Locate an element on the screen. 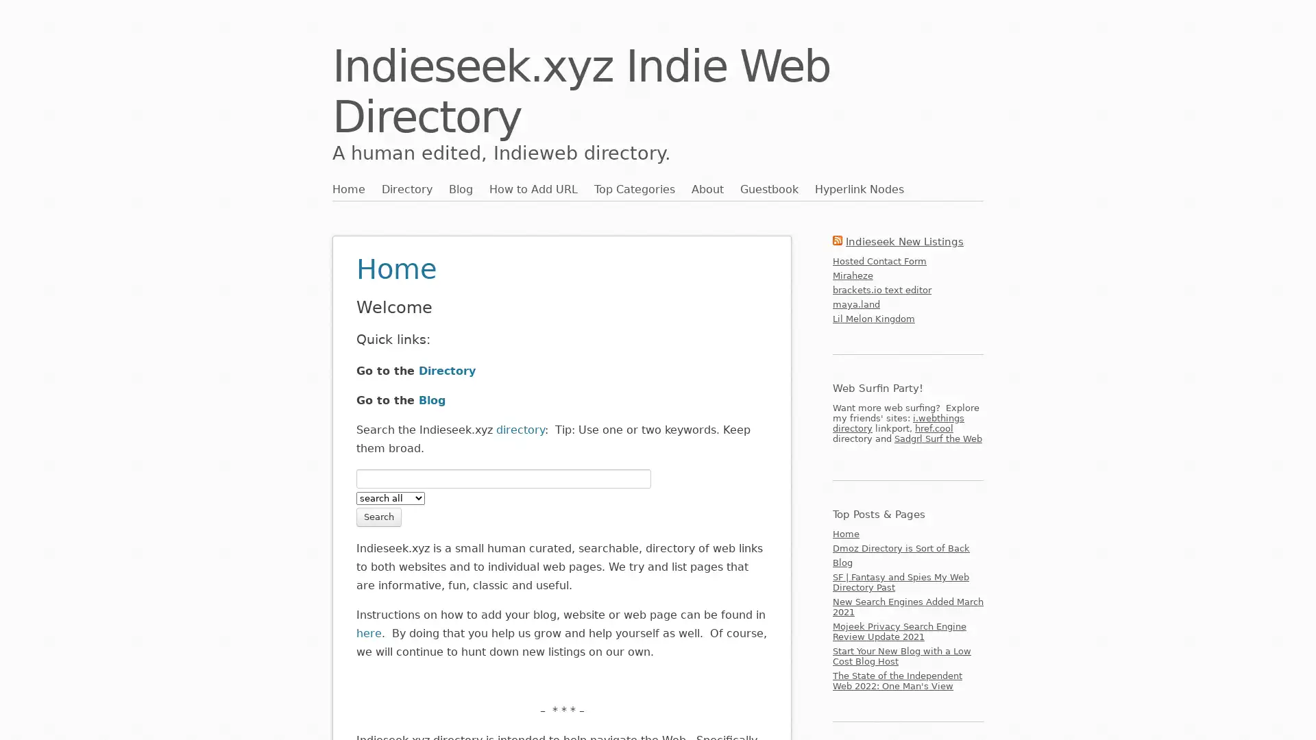 Image resolution: width=1316 pixels, height=740 pixels. Search is located at coordinates (378, 516).